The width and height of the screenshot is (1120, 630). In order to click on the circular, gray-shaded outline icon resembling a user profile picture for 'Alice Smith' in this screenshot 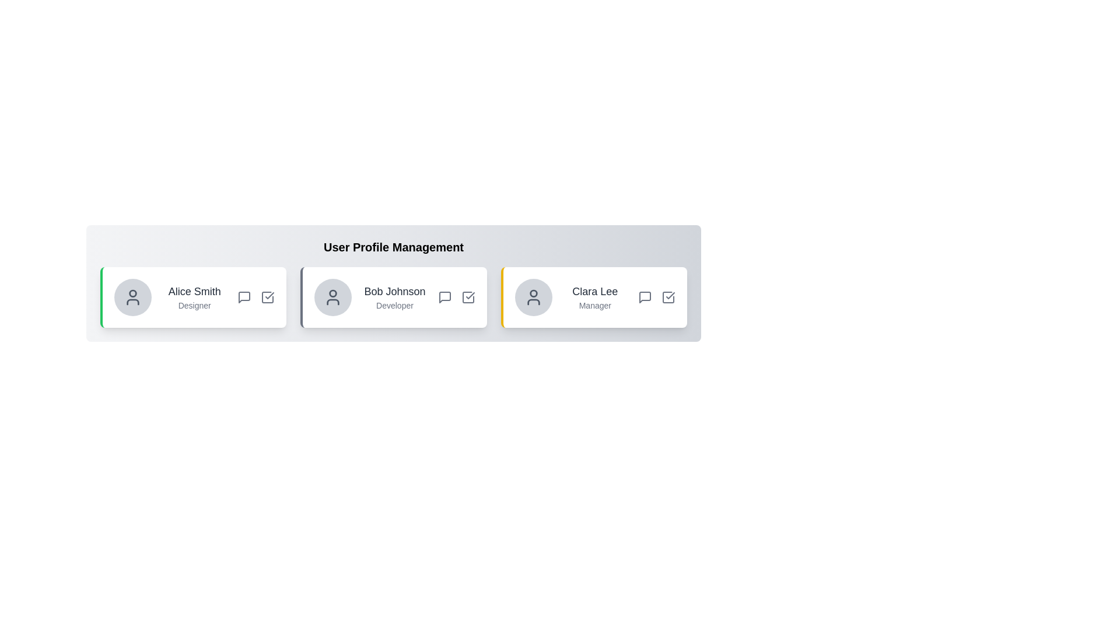, I will do `click(132, 292)`.